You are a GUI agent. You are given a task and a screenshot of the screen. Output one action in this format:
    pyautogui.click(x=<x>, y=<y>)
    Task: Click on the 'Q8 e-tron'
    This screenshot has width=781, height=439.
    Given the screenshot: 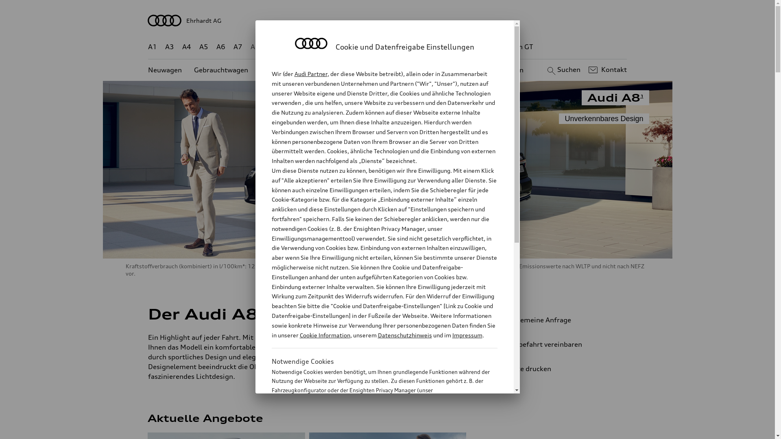 What is the action you would take?
    pyautogui.click(x=410, y=47)
    